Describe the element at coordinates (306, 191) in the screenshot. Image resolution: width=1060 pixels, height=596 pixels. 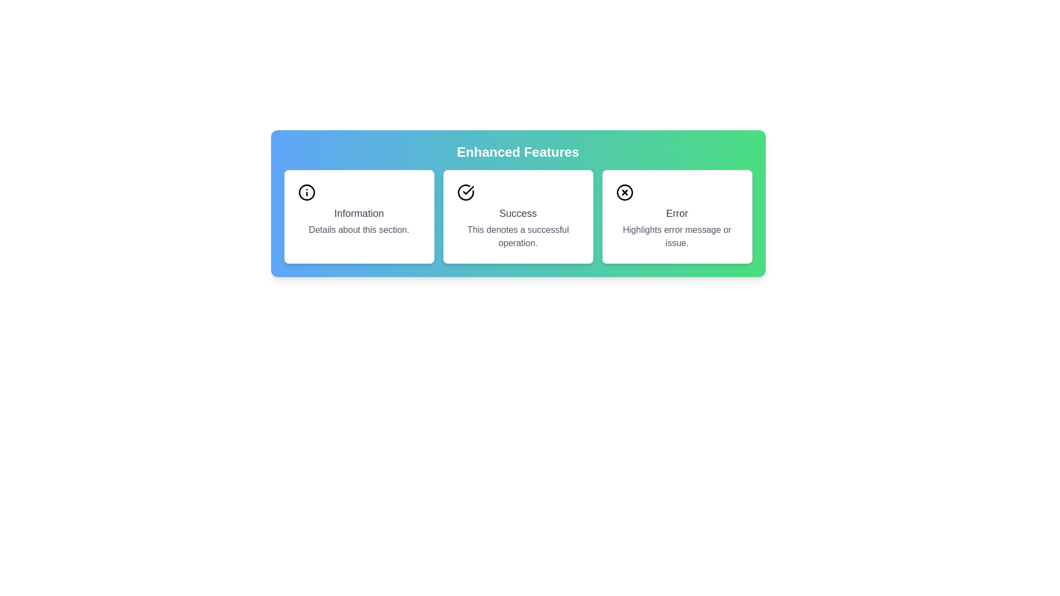
I see `the circular icon background that serves as the outline for the 'i' icon, located in the left-most card below the 'Enhanced Features' header` at that location.